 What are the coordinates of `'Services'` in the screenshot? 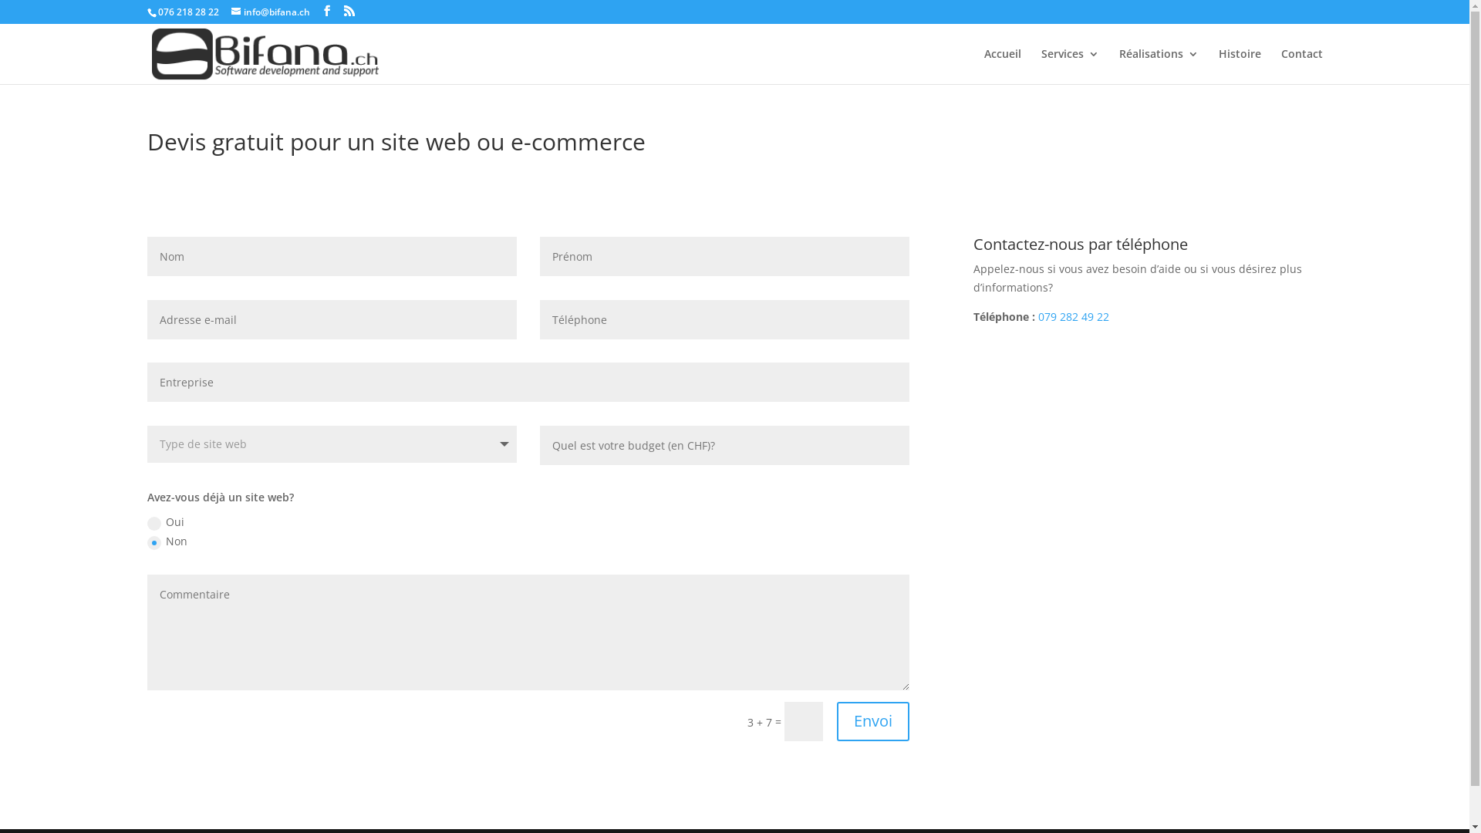 It's located at (1041, 65).